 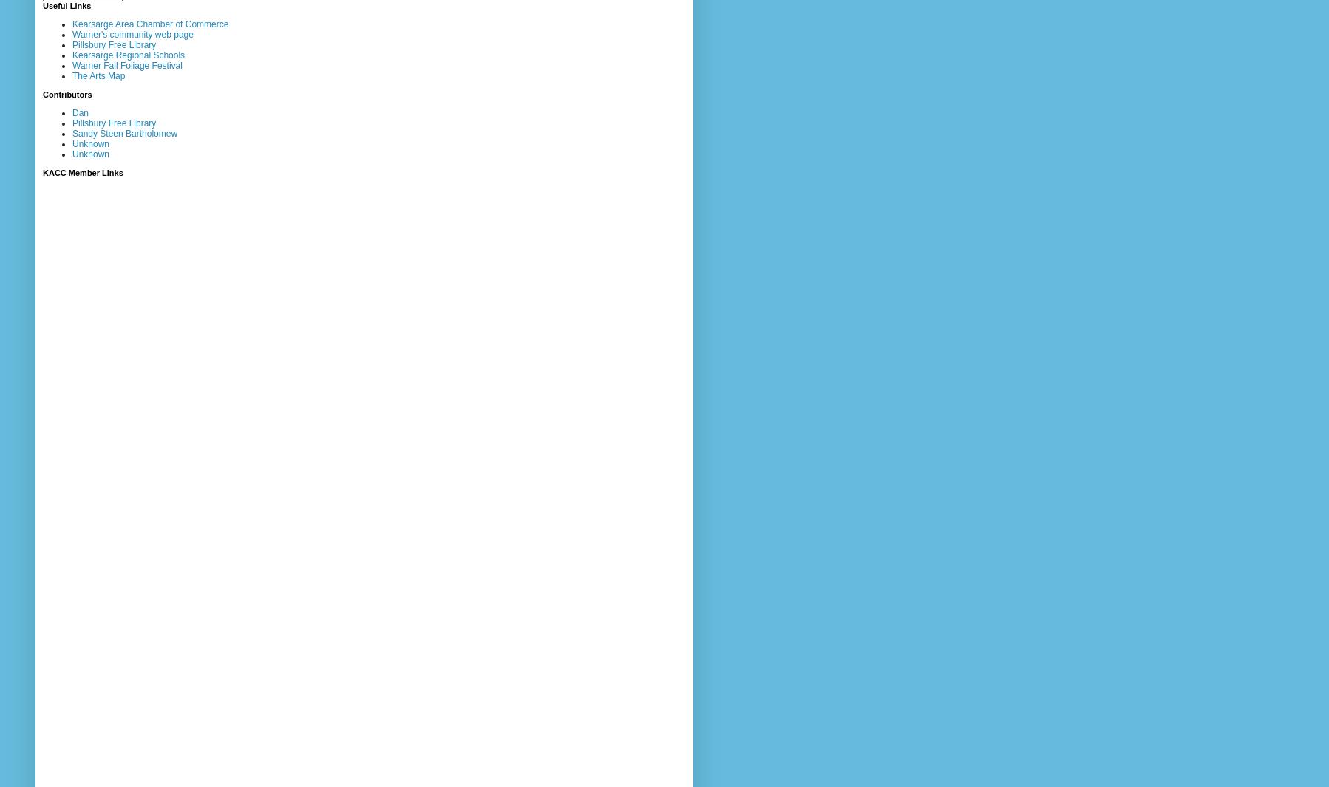 I want to click on 'Useful Links', so click(x=66, y=4).